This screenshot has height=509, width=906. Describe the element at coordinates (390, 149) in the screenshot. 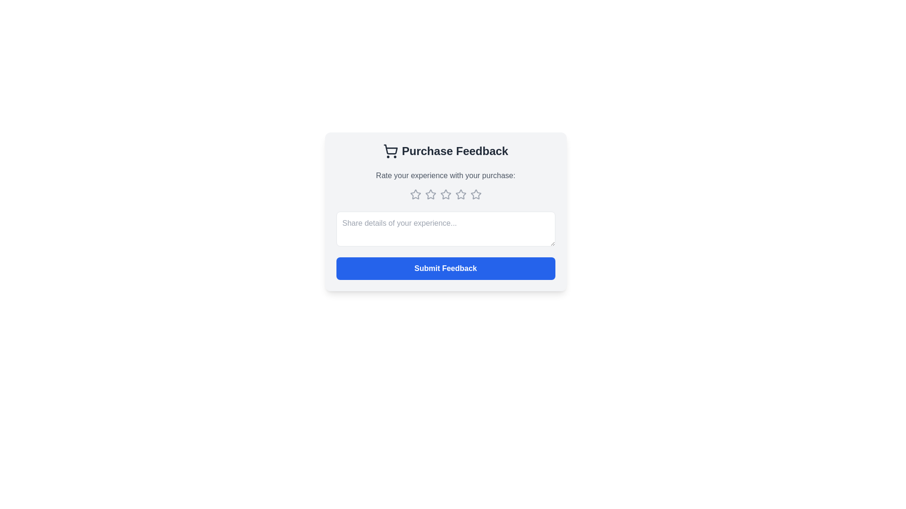

I see `the shopping cart icon located in the 'Purchase Feedback' header section, which is highlighted and visually represents a shopping cart` at that location.